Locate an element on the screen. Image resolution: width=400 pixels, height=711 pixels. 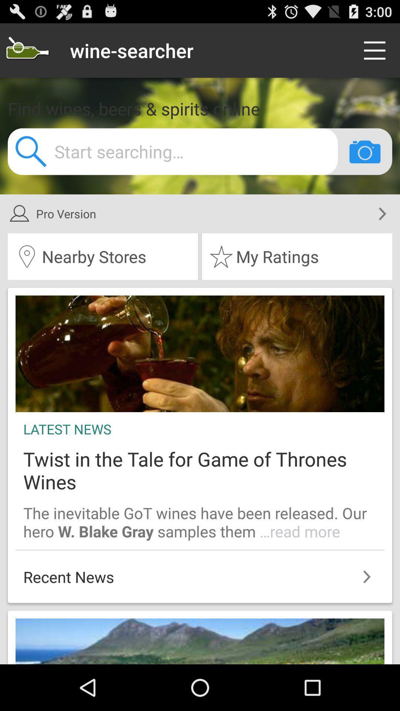
find your wine is located at coordinates (27, 50).